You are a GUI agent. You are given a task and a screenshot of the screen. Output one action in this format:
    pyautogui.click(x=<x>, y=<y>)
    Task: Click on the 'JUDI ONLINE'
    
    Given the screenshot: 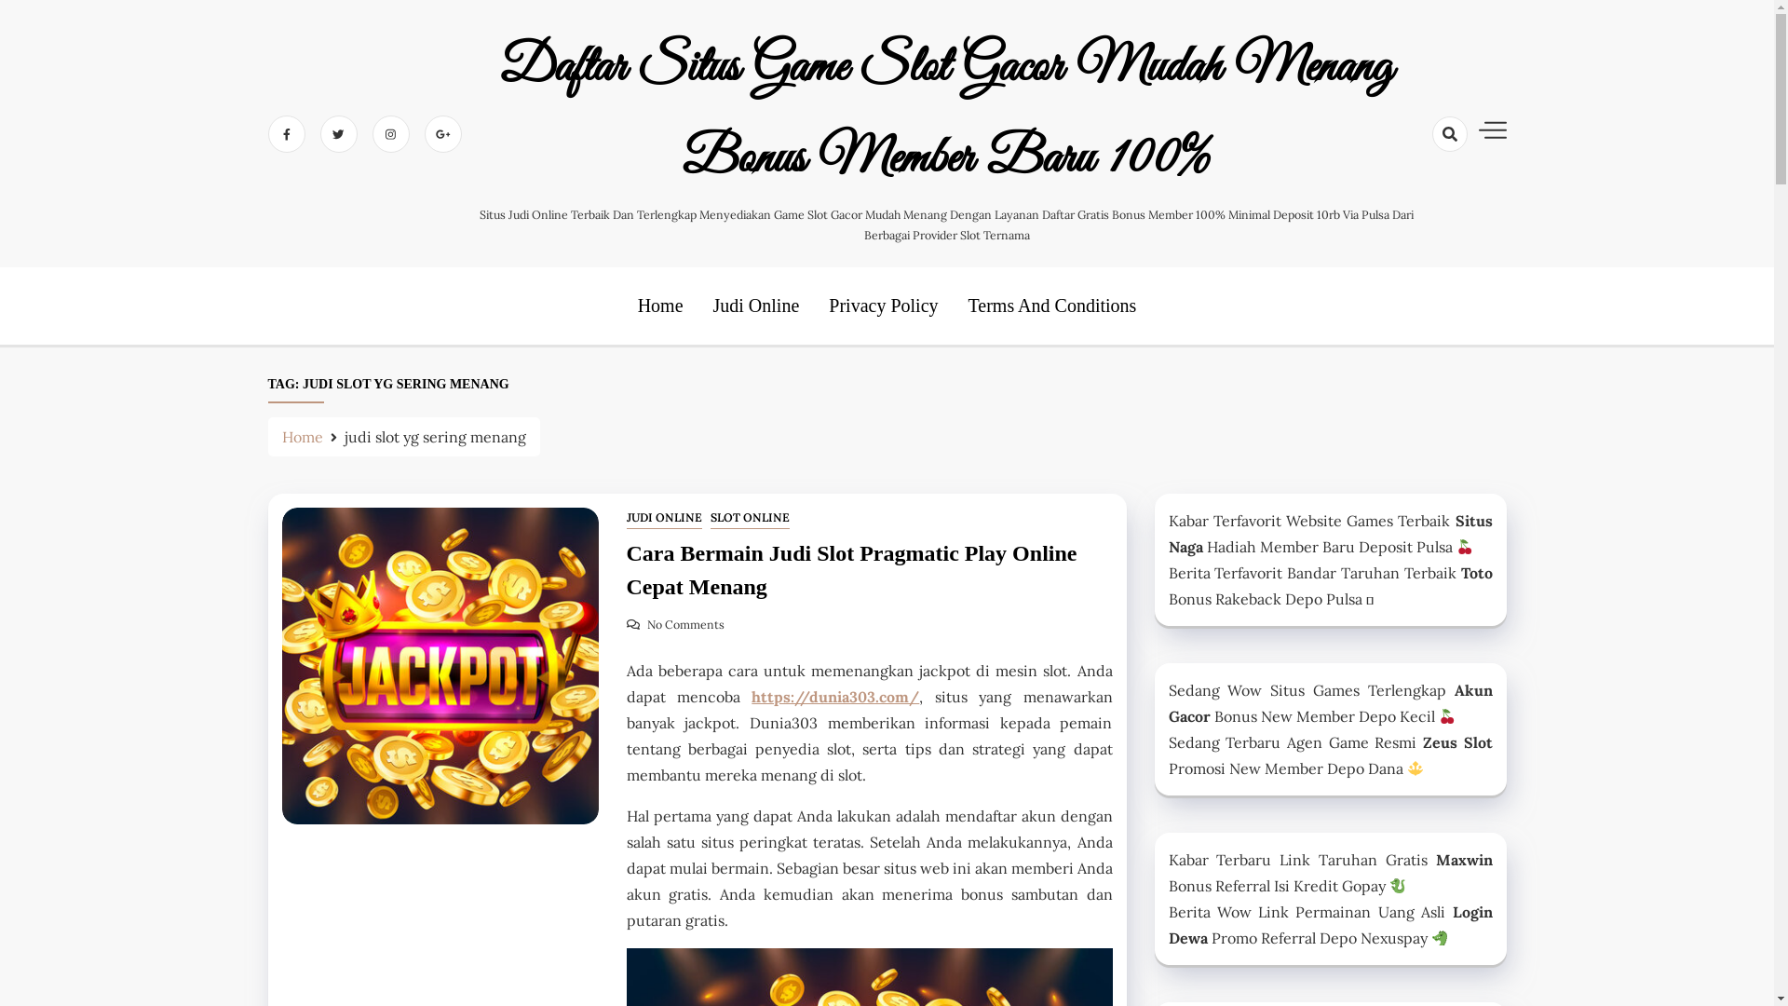 What is the action you would take?
    pyautogui.click(x=663, y=518)
    